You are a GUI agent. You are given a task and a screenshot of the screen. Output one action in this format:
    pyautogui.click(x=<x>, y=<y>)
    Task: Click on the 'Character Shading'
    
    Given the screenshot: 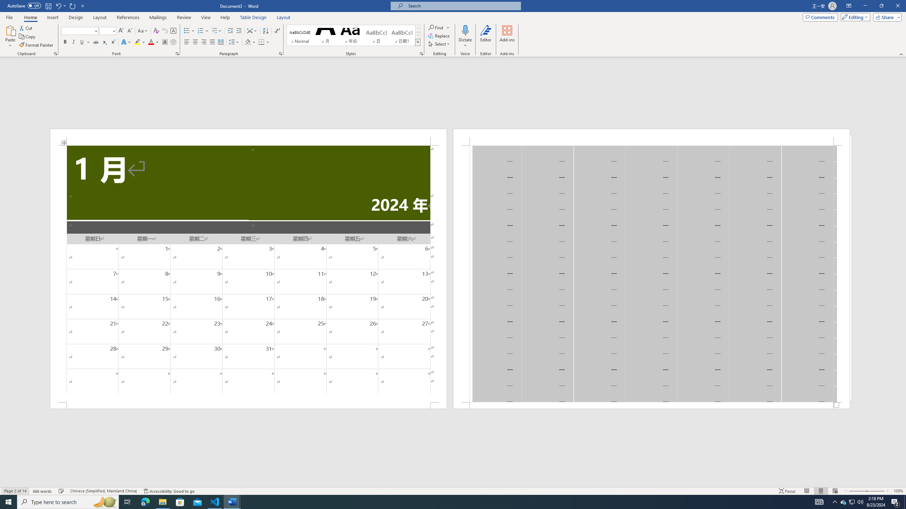 What is the action you would take?
    pyautogui.click(x=164, y=42)
    